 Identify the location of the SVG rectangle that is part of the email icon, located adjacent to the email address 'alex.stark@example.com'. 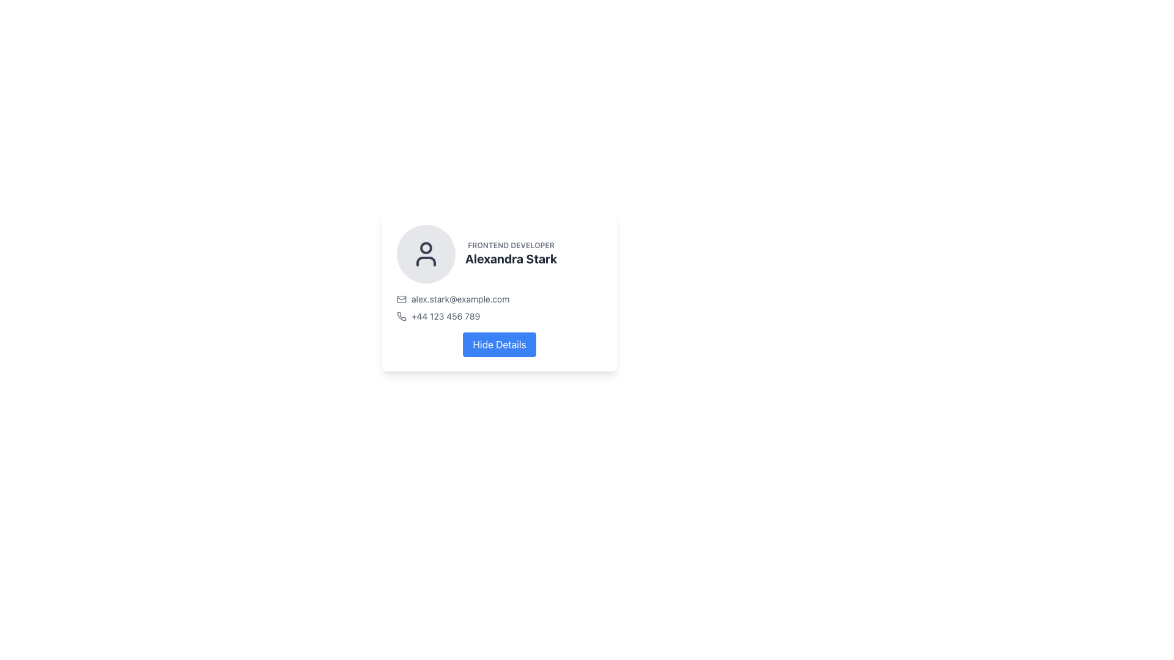
(402, 299).